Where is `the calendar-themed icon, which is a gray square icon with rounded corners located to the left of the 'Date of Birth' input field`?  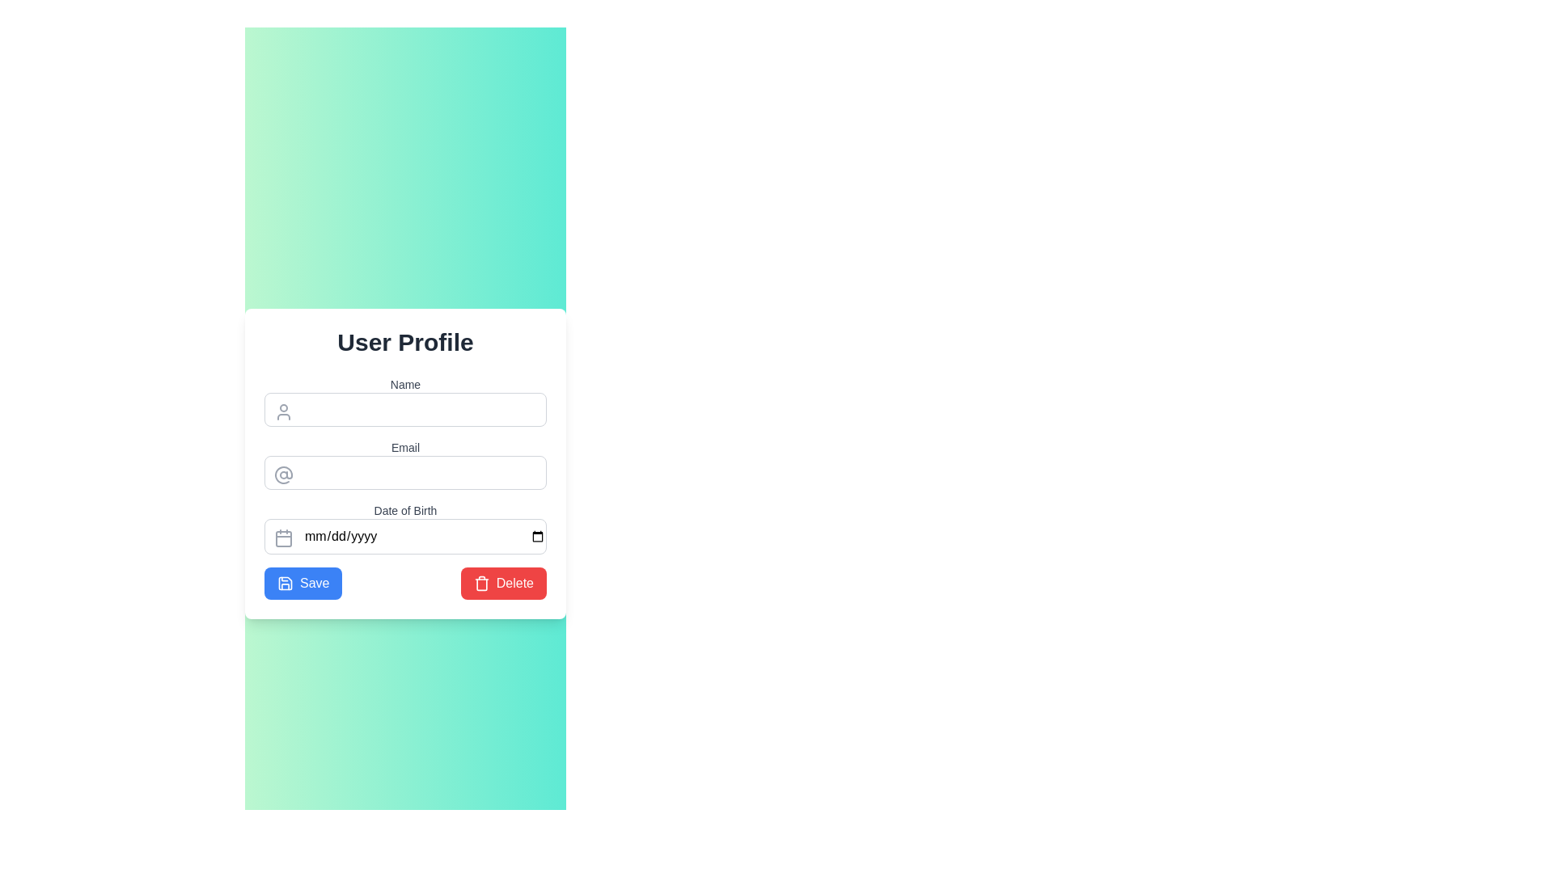
the calendar-themed icon, which is a gray square icon with rounded corners located to the left of the 'Date of Birth' input field is located at coordinates (283, 538).